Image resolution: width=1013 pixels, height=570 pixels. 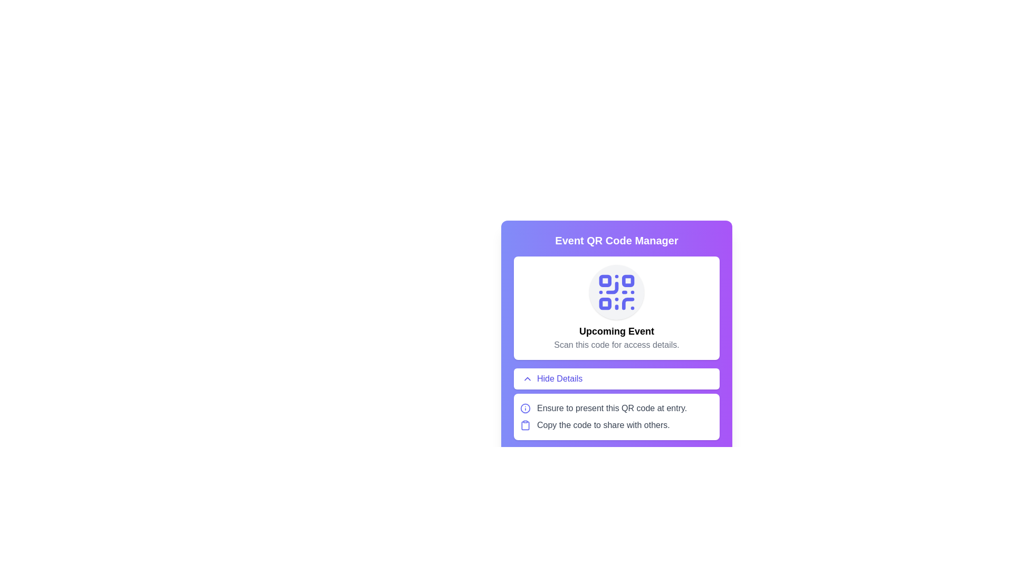 What do you see at coordinates (525, 425) in the screenshot?
I see `the clipboard icon with indigo-colored strokes in the 'Copy the code to share with others' menu section` at bounding box center [525, 425].